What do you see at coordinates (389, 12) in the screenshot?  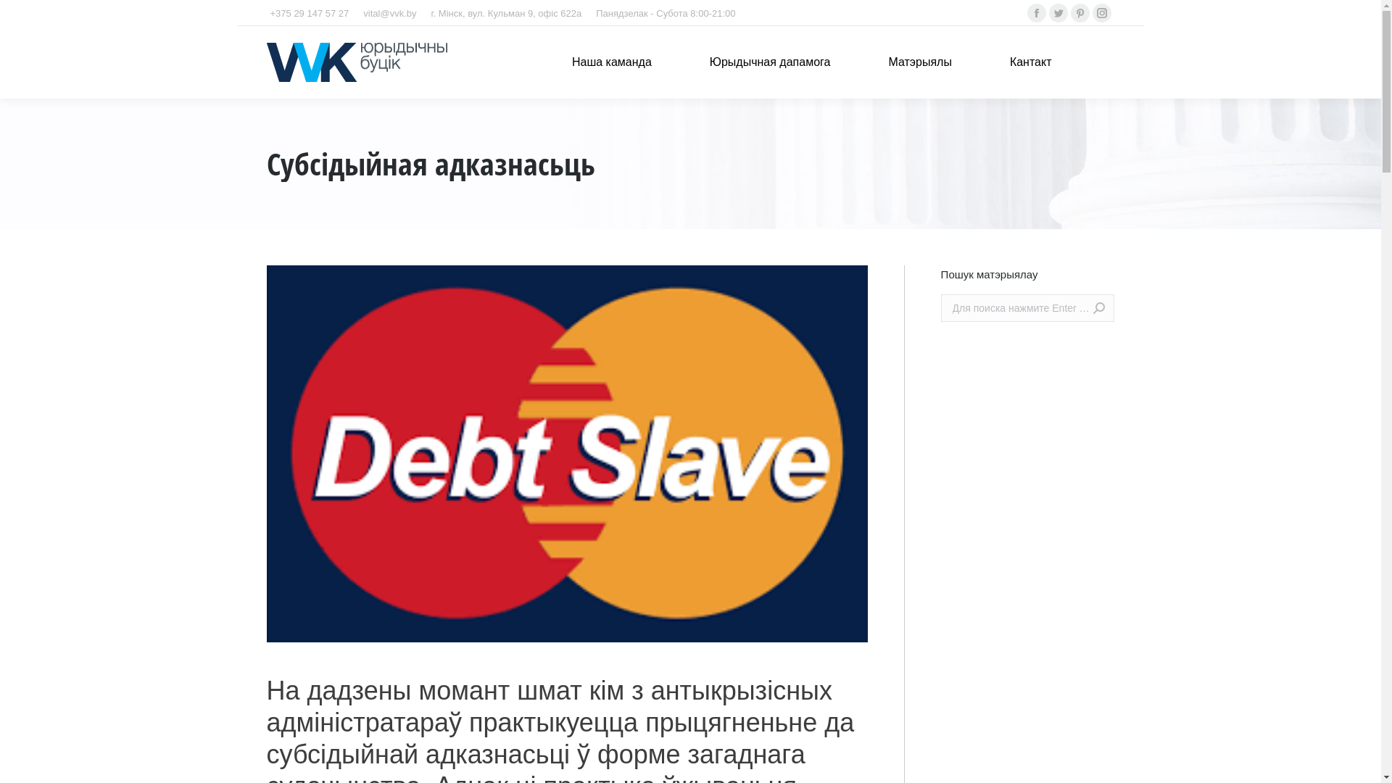 I see `'vital@vvk.by'` at bounding box center [389, 12].